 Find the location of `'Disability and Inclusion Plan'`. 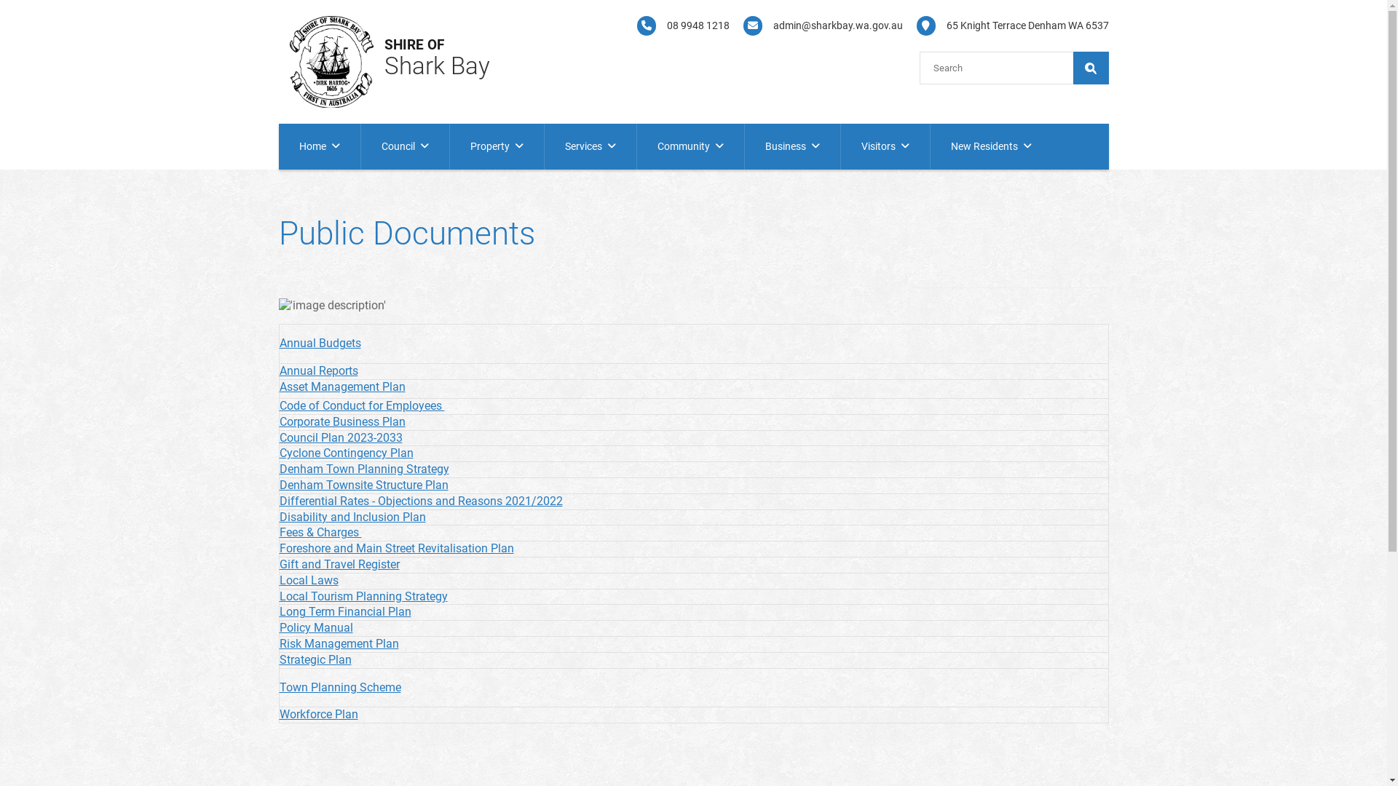

'Disability and Inclusion Plan' is located at coordinates (352, 516).